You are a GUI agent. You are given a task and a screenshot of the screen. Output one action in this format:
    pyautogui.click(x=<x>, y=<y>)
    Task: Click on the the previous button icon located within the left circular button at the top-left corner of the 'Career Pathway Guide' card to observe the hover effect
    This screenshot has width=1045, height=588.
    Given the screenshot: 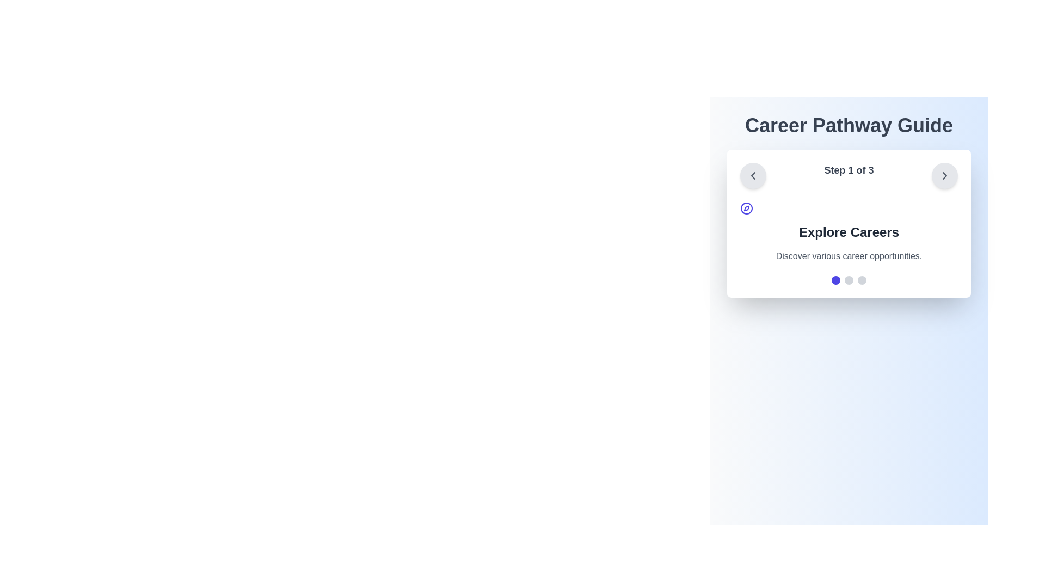 What is the action you would take?
    pyautogui.click(x=752, y=175)
    